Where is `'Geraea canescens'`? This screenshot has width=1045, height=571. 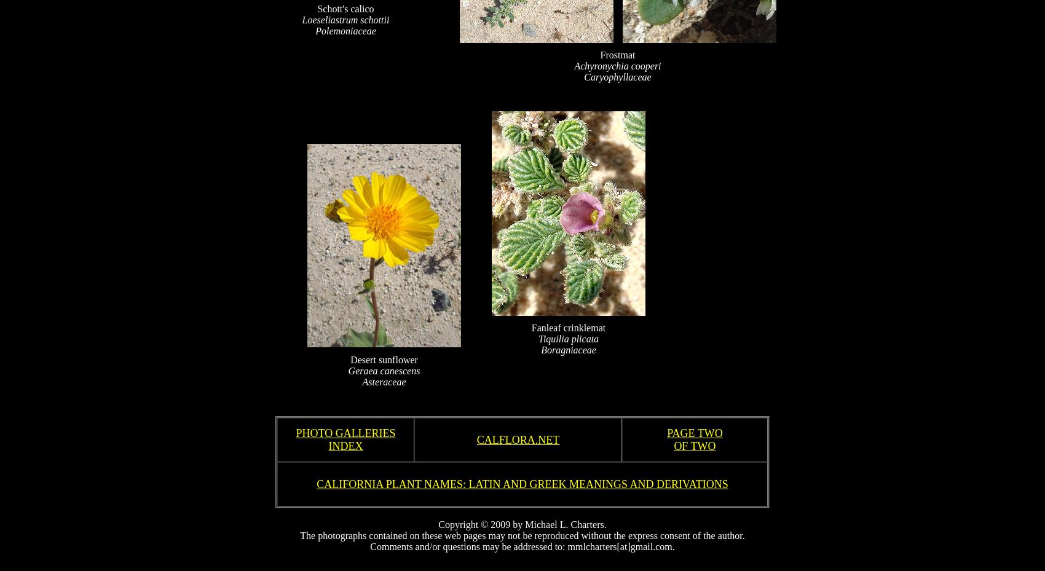
'Geraea canescens' is located at coordinates (383, 369).